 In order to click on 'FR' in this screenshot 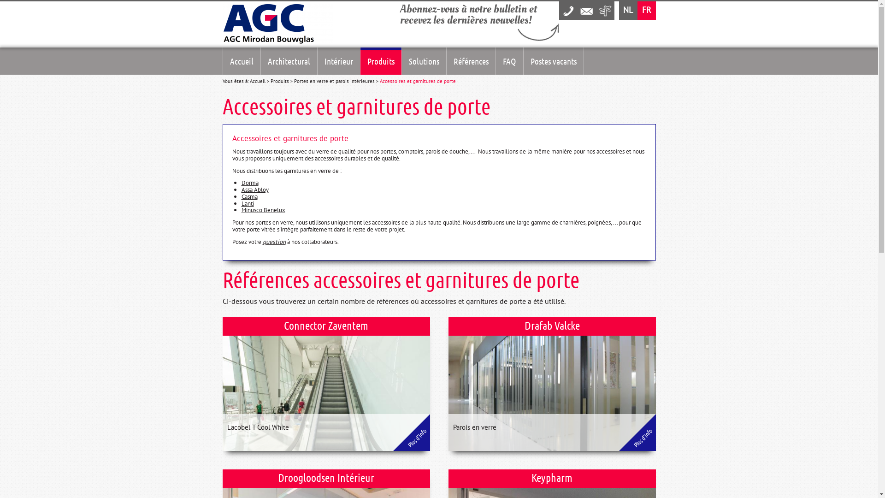, I will do `click(637, 11)`.